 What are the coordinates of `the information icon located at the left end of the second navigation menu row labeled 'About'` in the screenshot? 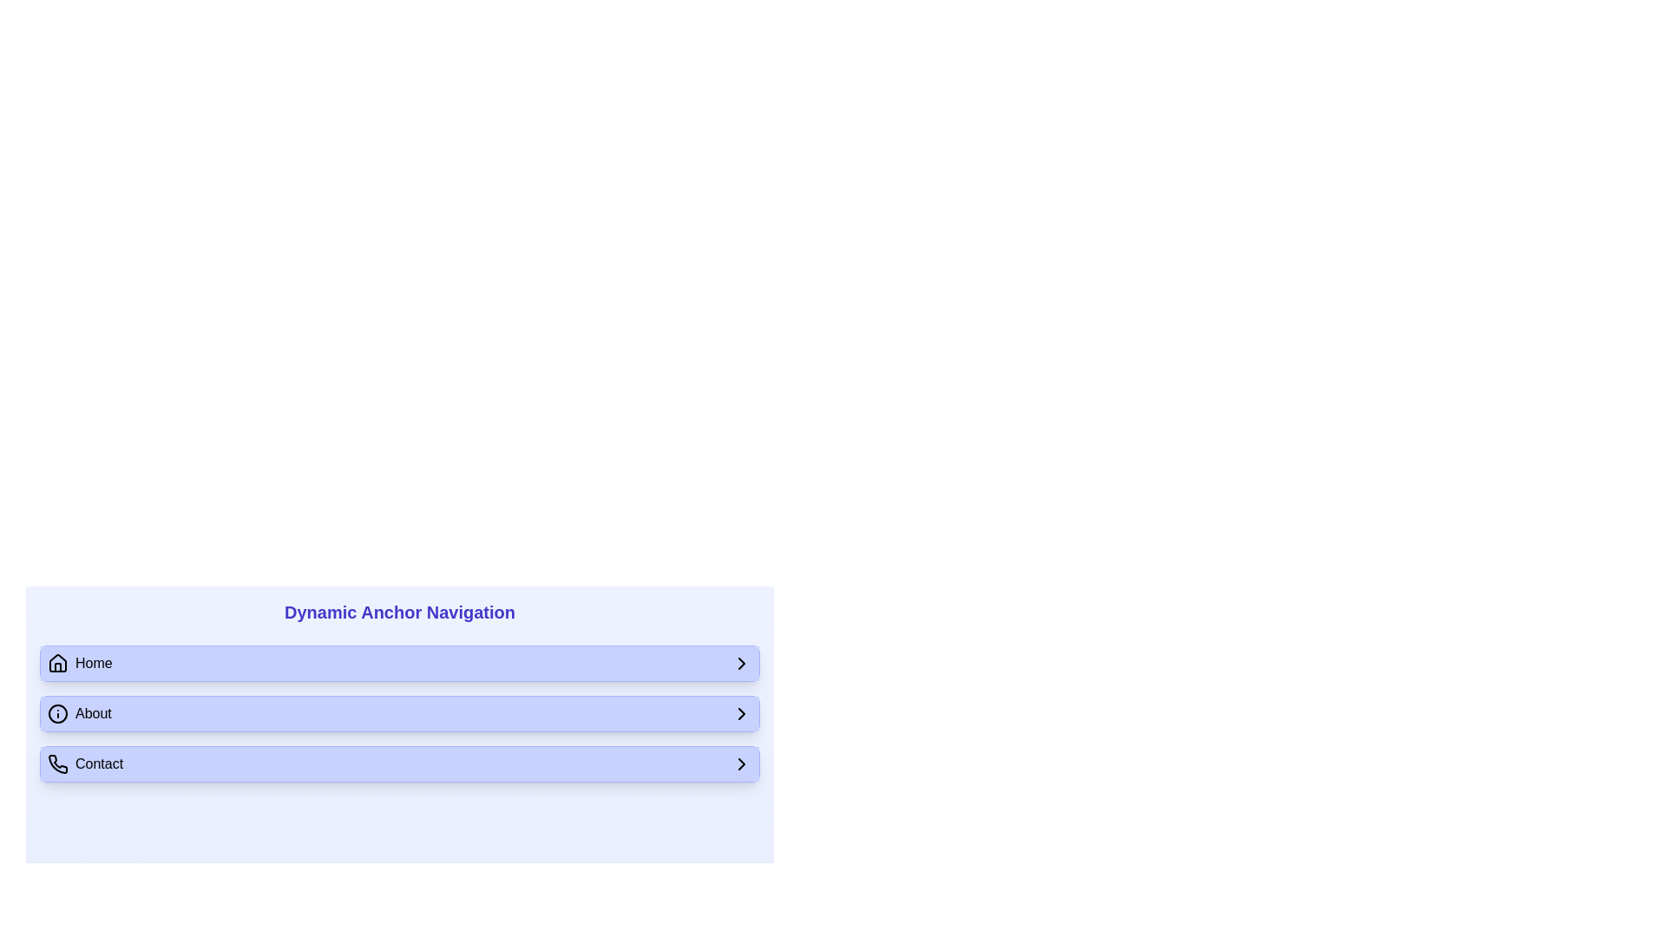 It's located at (58, 713).